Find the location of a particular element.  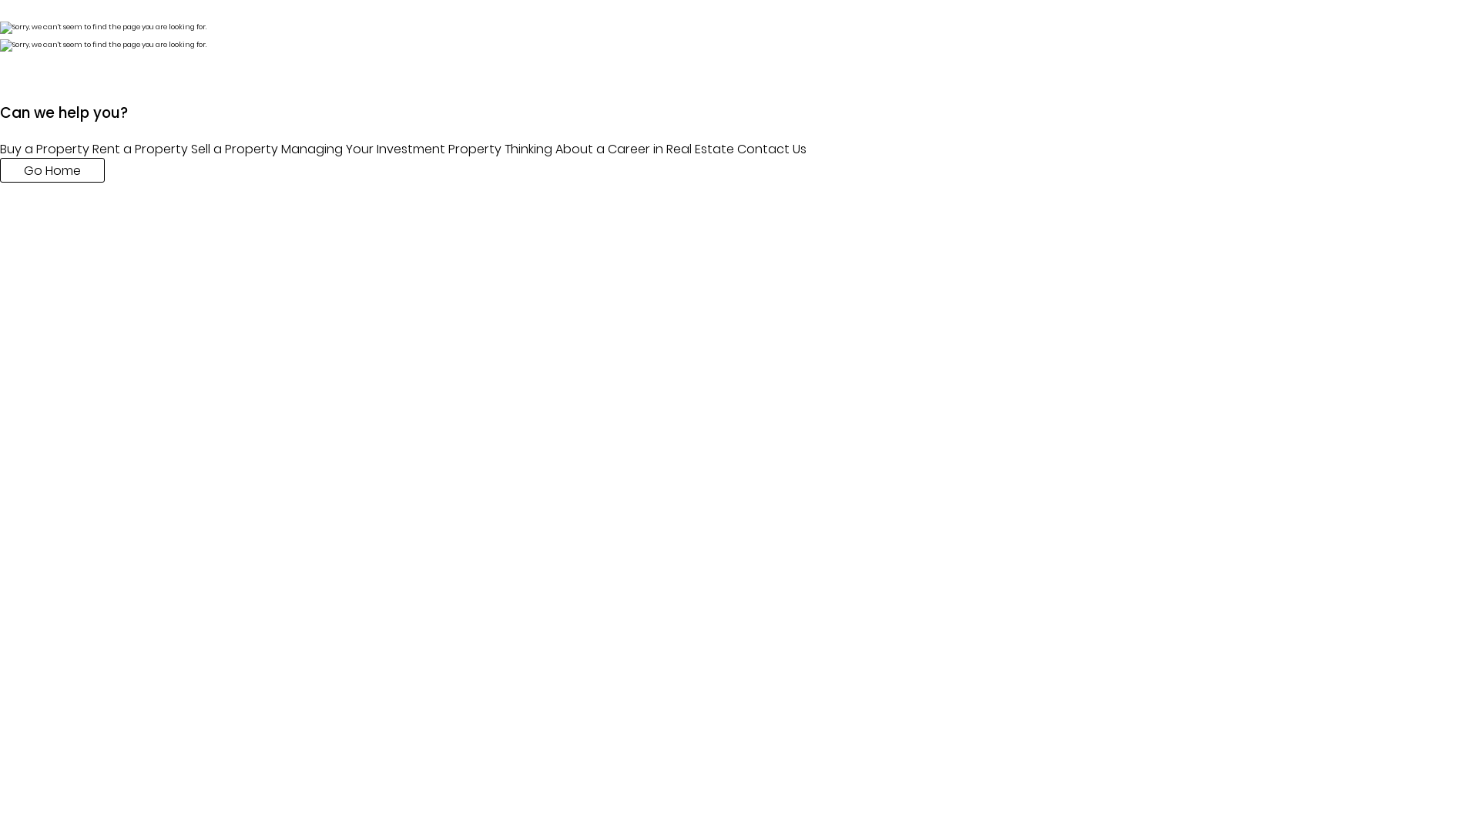

'Rent a Property' is located at coordinates (140, 149).